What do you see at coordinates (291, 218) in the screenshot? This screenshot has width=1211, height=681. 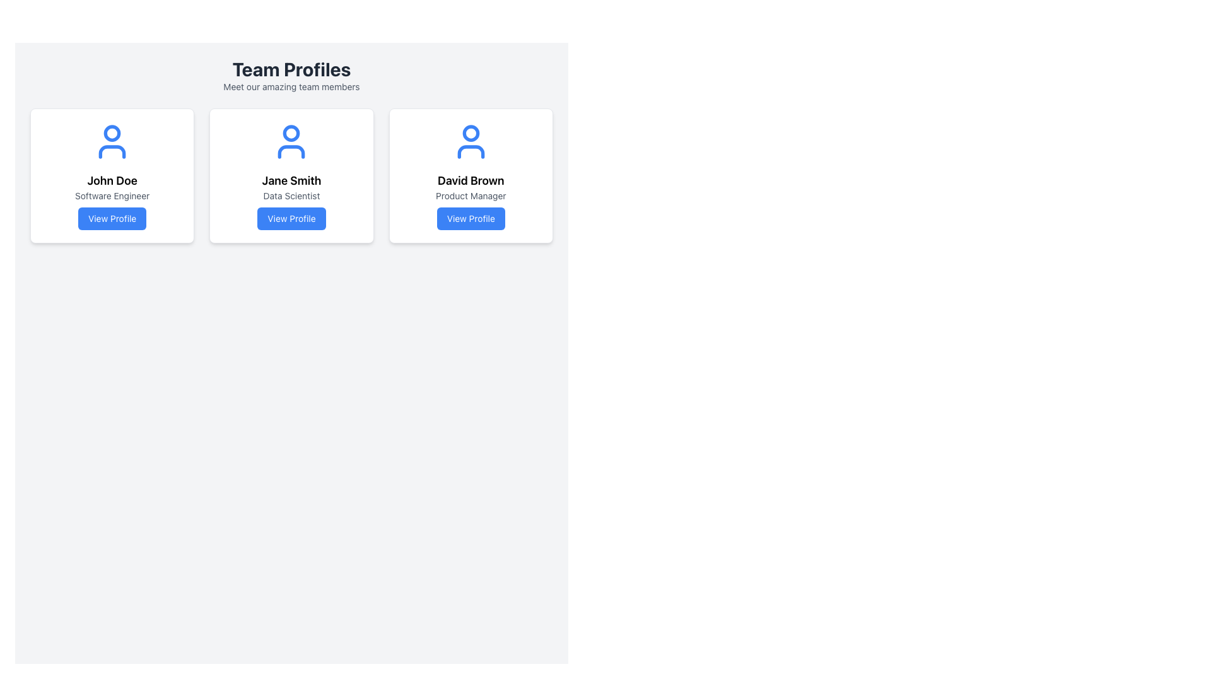 I see `the 'View Profile' button which is a rectangular button with white text on a blue background, located in the middle column of a three-column layout, below the 'Data Scientist' text` at bounding box center [291, 218].